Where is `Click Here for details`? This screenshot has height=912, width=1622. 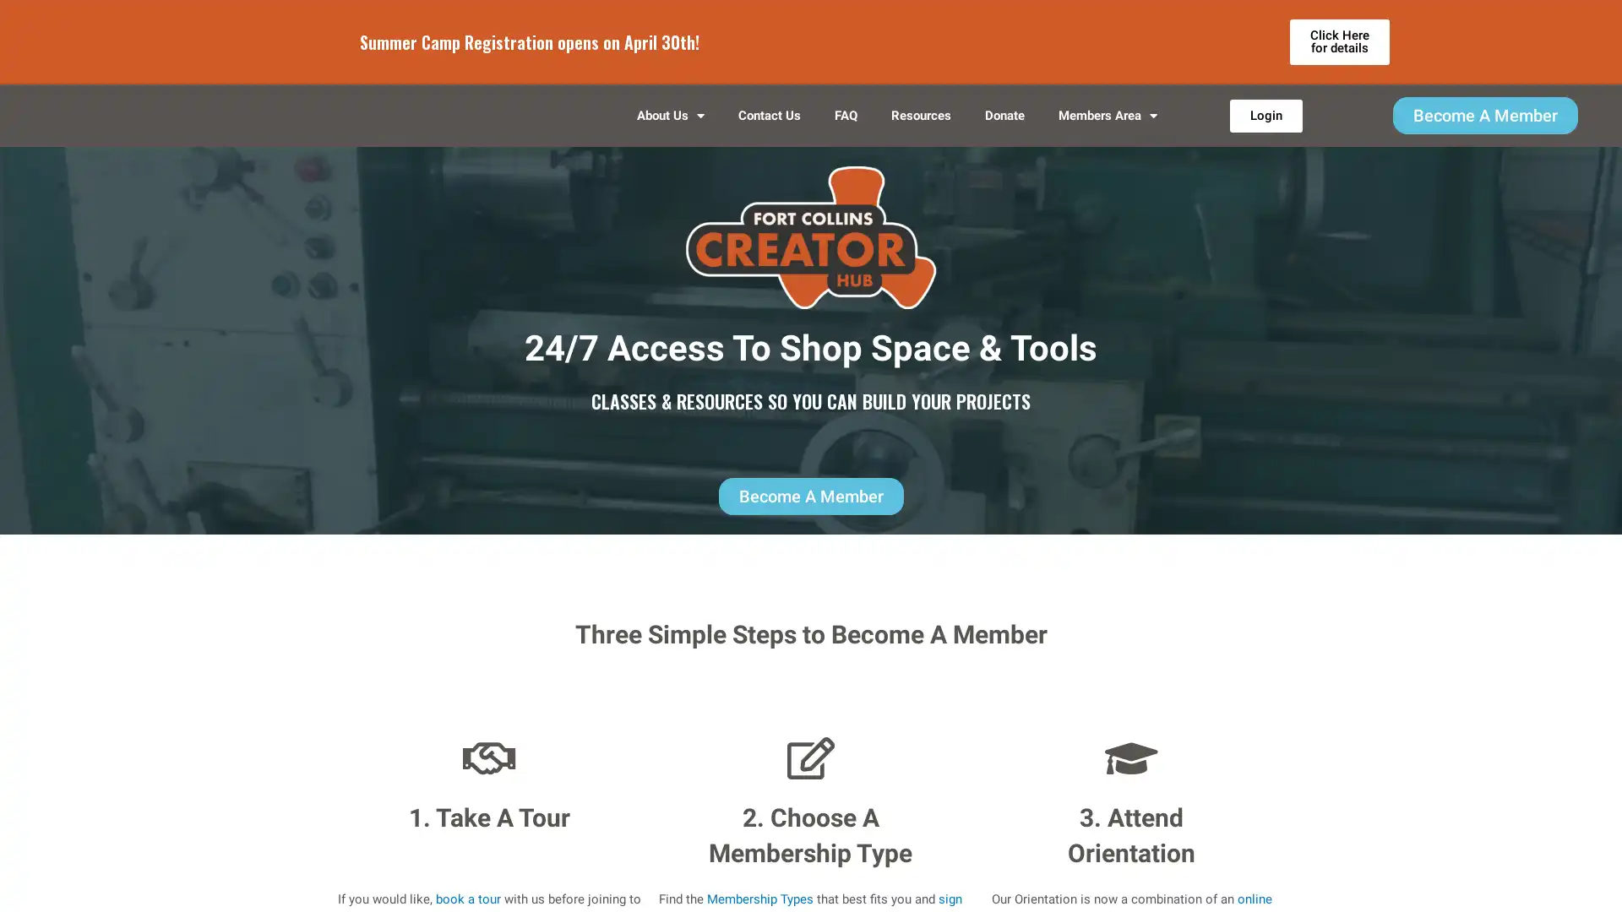
Click Here for details is located at coordinates (1338, 41).